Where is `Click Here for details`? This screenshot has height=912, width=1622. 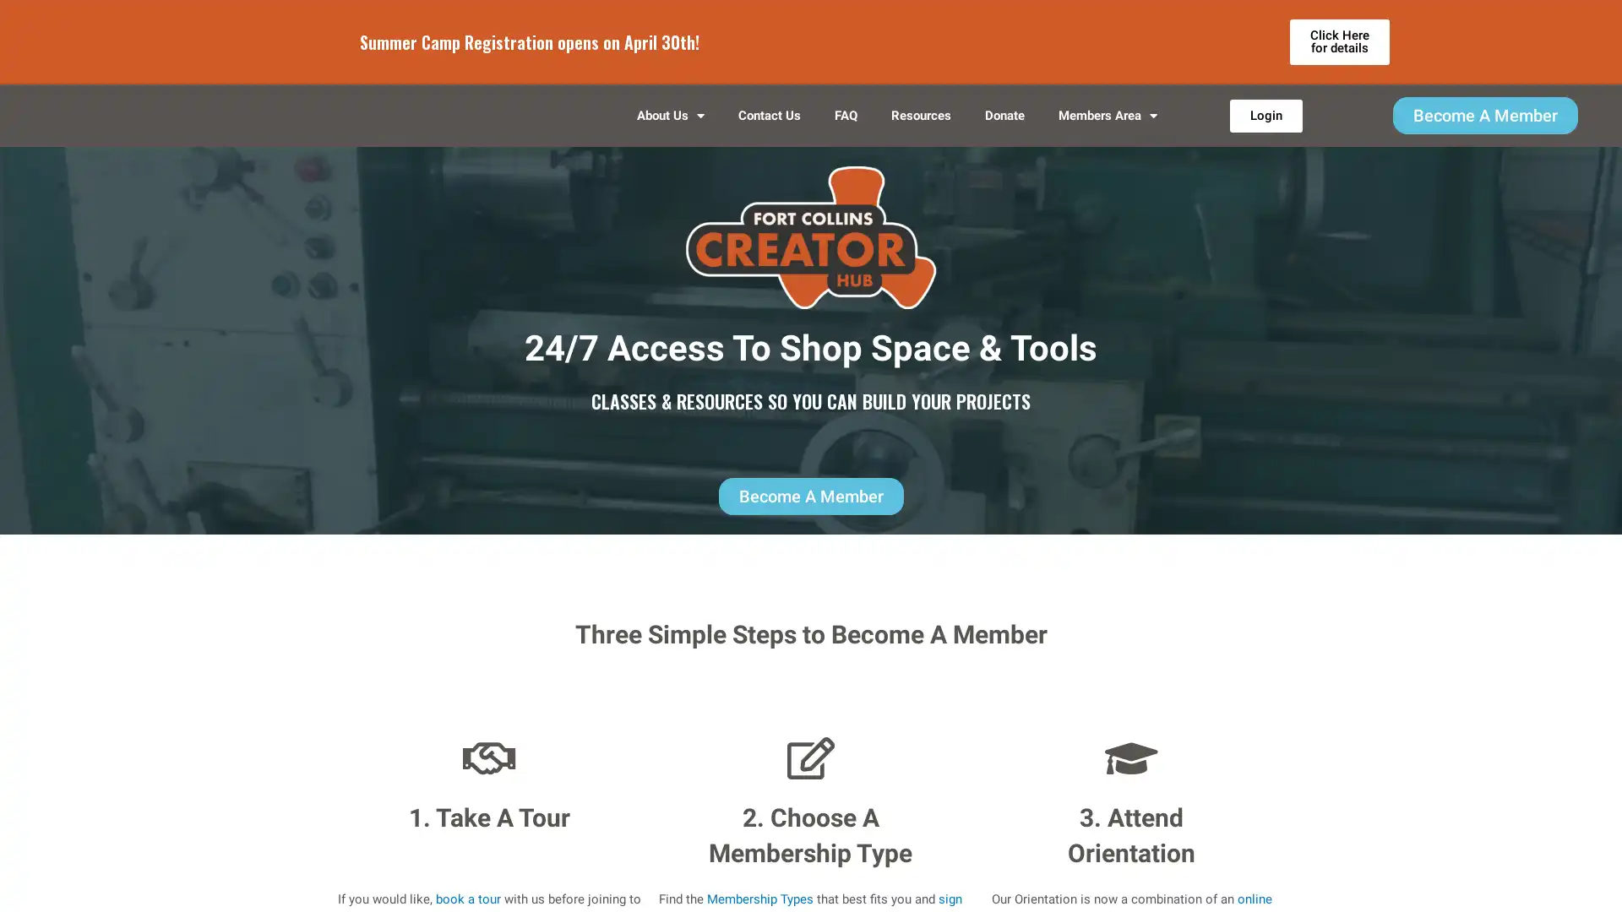
Click Here for details is located at coordinates (1338, 41).